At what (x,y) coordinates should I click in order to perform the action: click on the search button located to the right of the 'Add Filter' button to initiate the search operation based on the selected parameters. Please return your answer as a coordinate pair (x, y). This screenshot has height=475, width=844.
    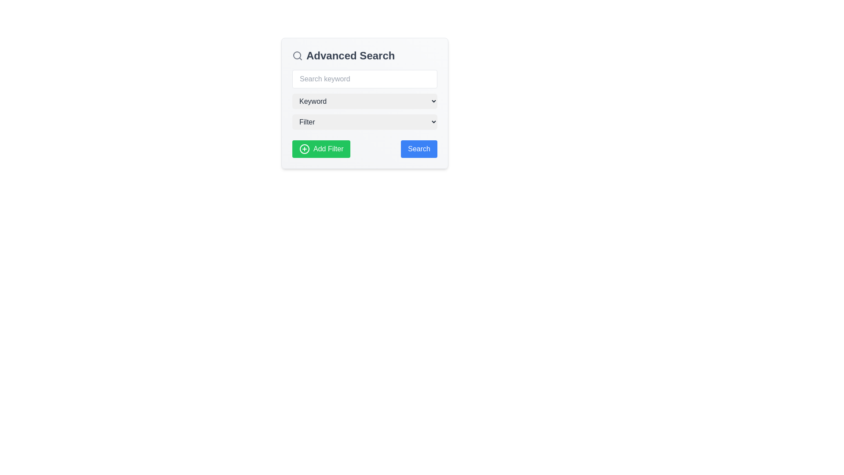
    Looking at the image, I should click on (418, 149).